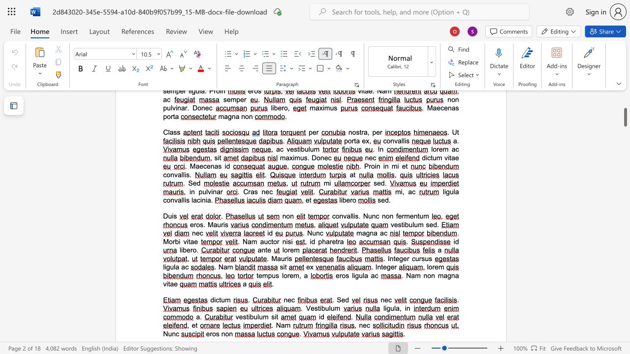  I want to click on the space between the continuous character "r" and "i" in the text, so click(222, 224).